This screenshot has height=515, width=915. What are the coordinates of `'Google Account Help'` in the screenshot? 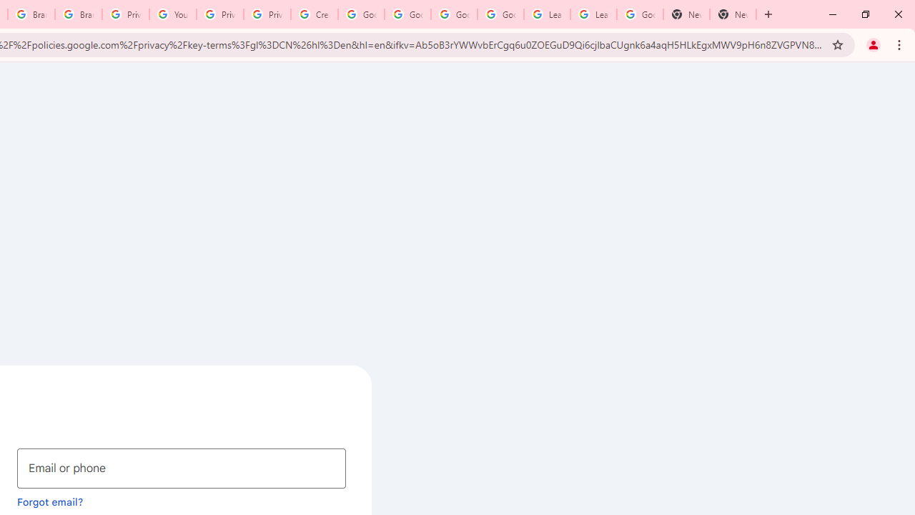 It's located at (360, 14).